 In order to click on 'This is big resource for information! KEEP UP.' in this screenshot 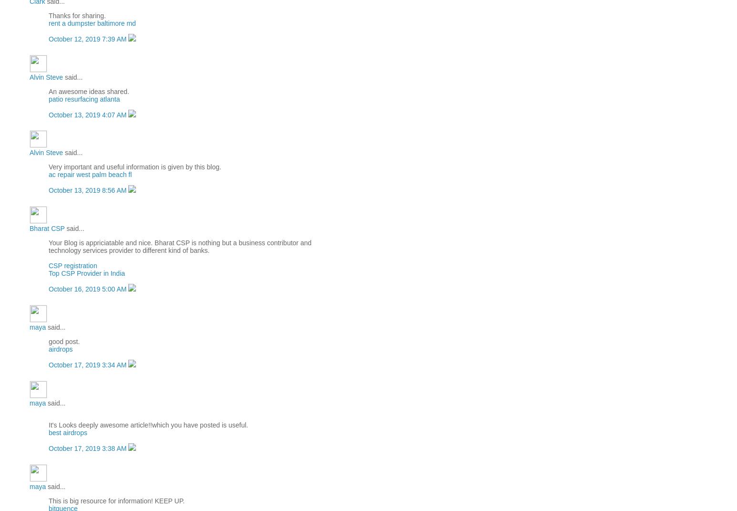, I will do `click(116, 501)`.